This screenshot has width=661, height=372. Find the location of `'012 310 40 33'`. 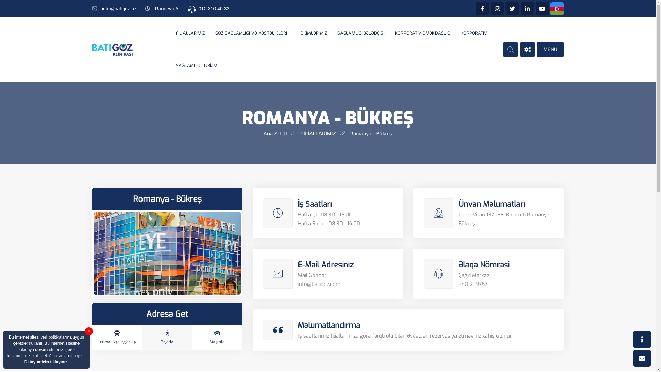

'012 310 40 33' is located at coordinates (214, 8).